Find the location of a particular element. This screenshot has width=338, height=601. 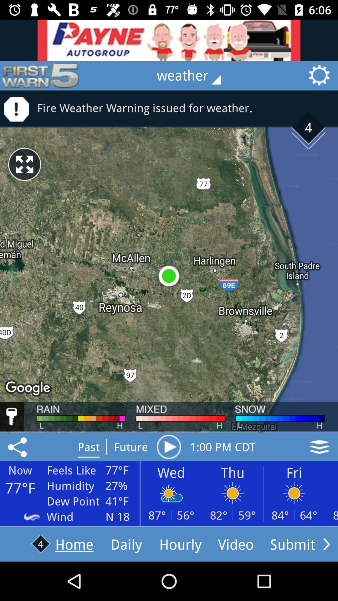

share weather now is located at coordinates (18, 446).